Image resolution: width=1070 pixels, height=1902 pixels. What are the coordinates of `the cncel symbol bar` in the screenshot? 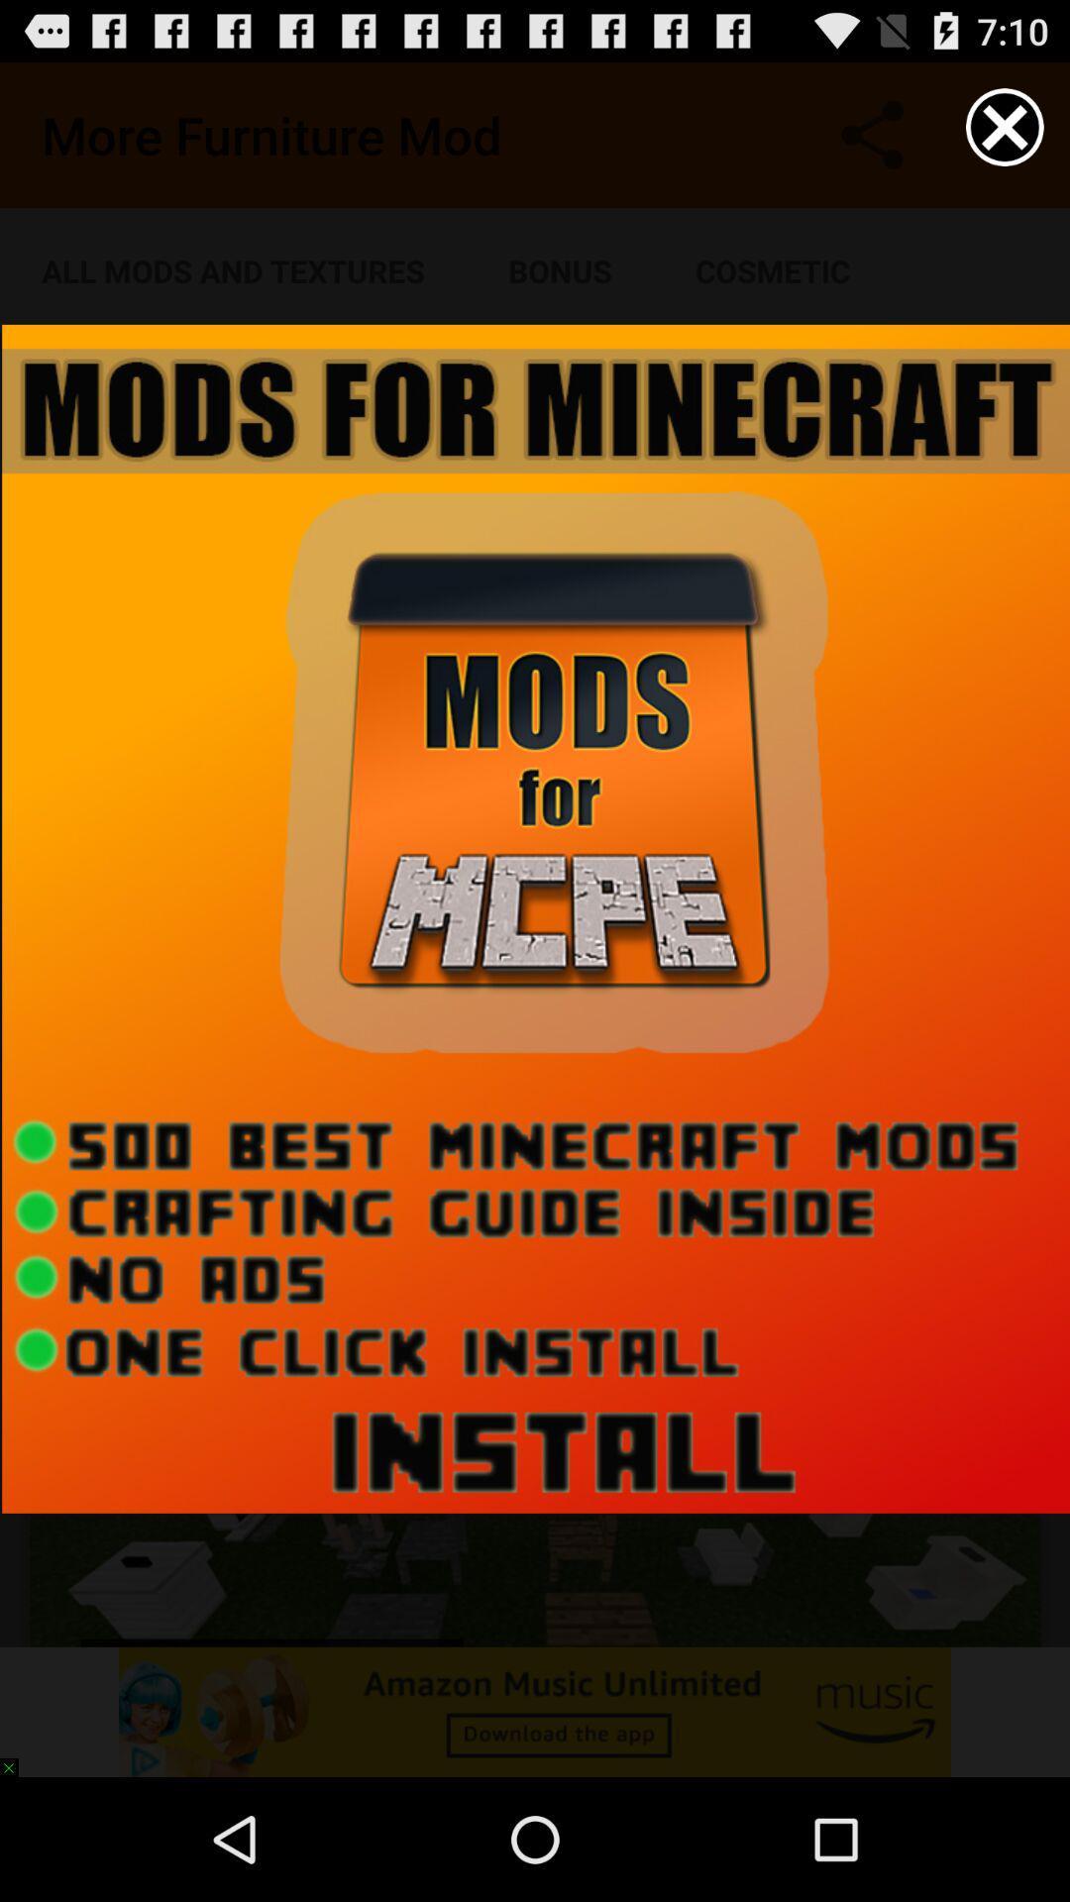 It's located at (1005, 126).